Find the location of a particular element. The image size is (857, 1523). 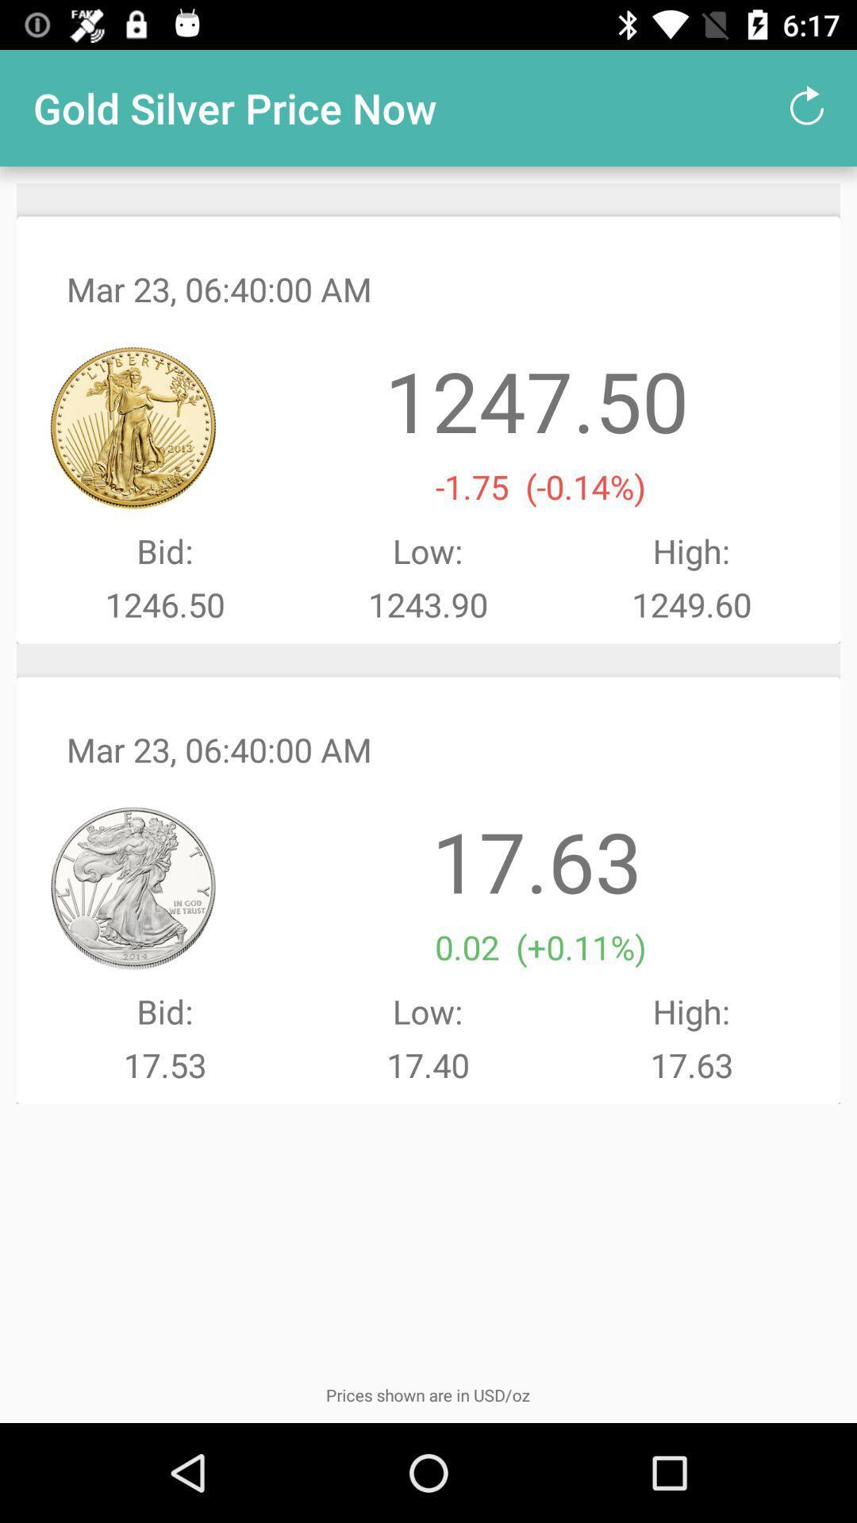

the icon at the top right corner is located at coordinates (807, 107).